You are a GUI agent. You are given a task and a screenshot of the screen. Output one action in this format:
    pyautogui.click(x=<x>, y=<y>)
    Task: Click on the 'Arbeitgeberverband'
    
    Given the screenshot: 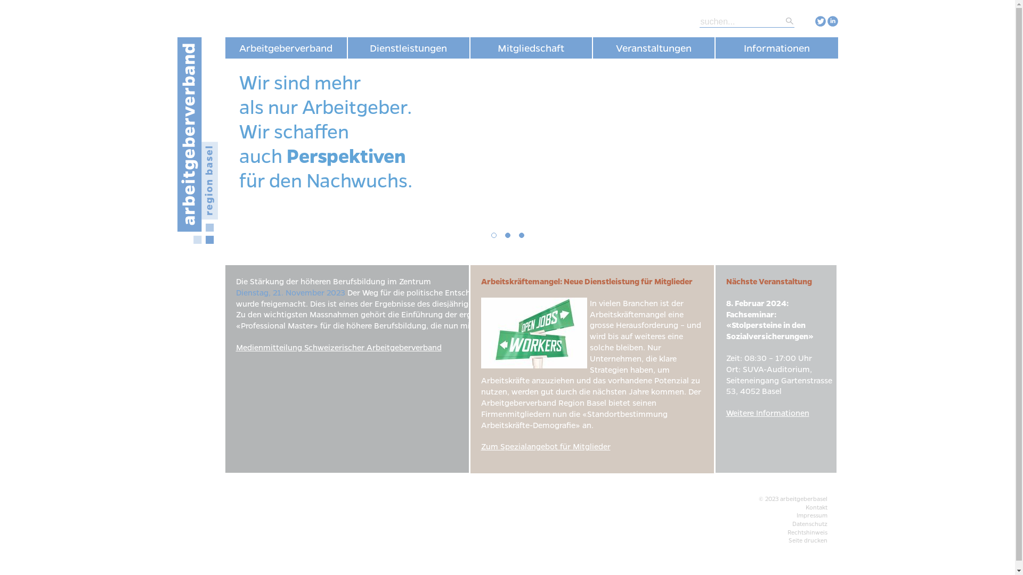 What is the action you would take?
    pyautogui.click(x=224, y=47)
    